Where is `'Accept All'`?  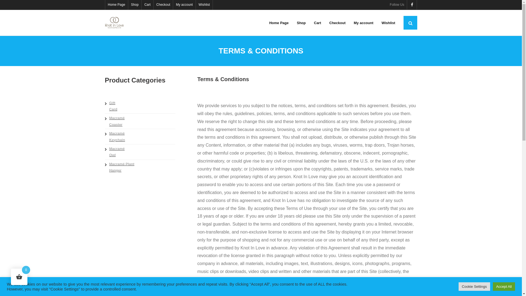 'Accept All' is located at coordinates (504, 286).